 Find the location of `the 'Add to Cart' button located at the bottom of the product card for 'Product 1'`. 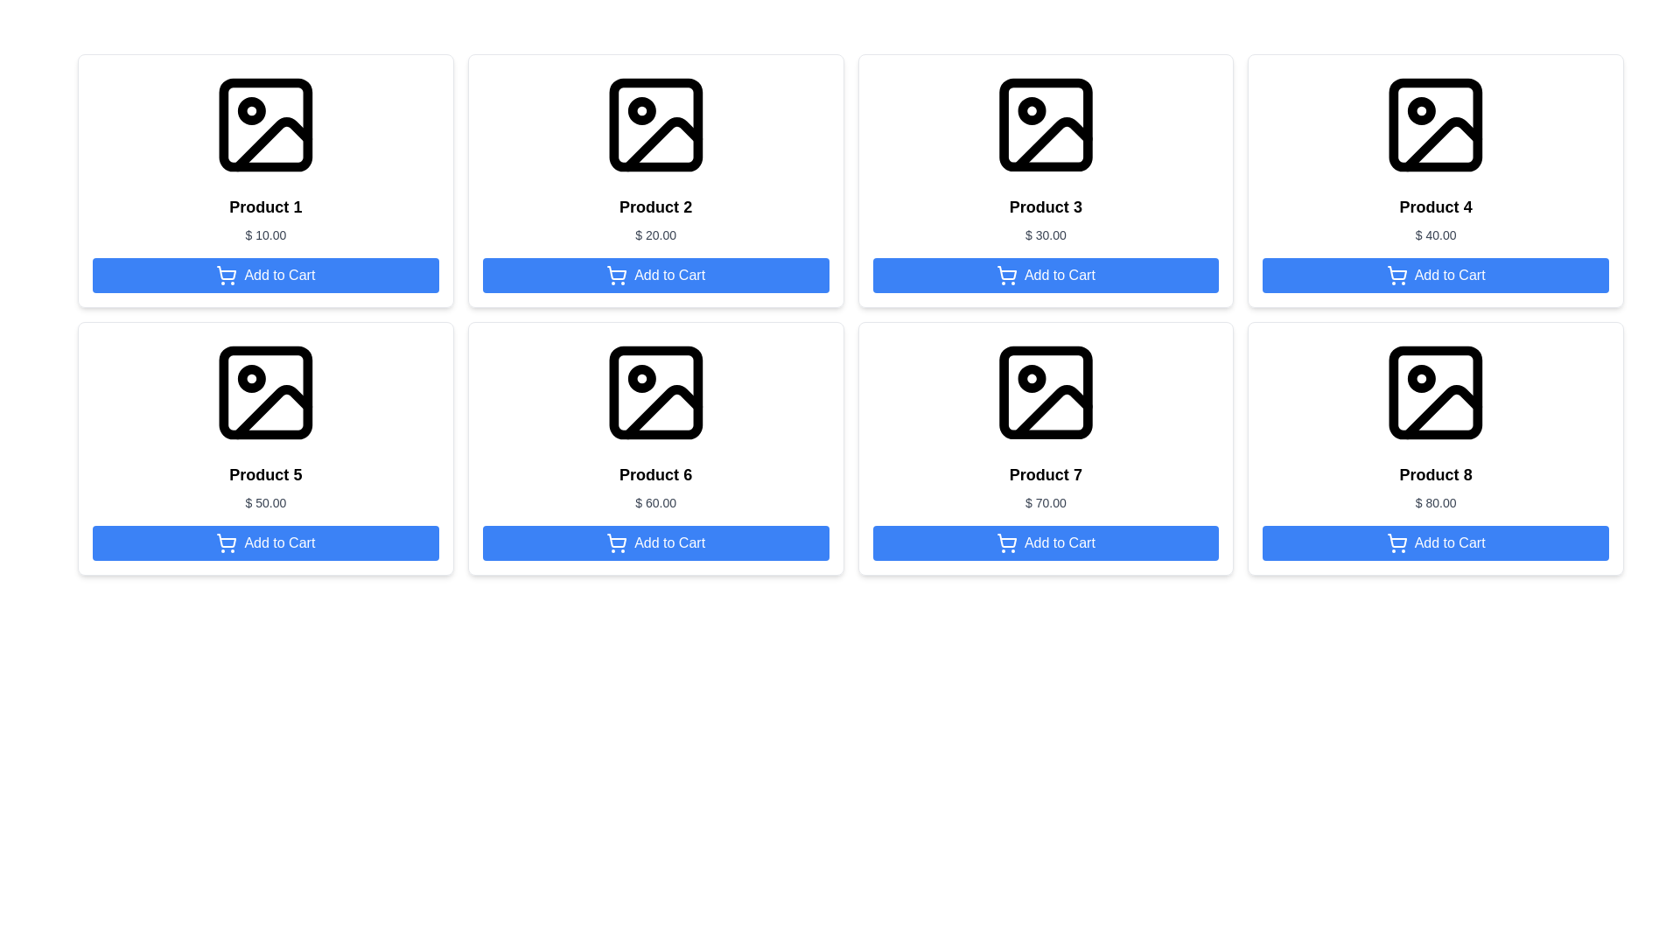

the 'Add to Cart' button located at the bottom of the product card for 'Product 1' is located at coordinates (264, 276).